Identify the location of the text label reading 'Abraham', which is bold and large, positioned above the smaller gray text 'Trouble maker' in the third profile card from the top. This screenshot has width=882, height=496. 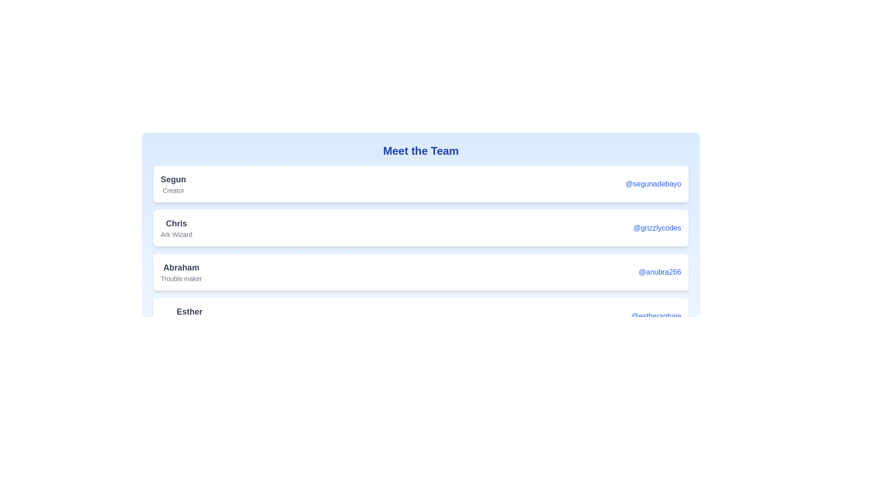
(181, 267).